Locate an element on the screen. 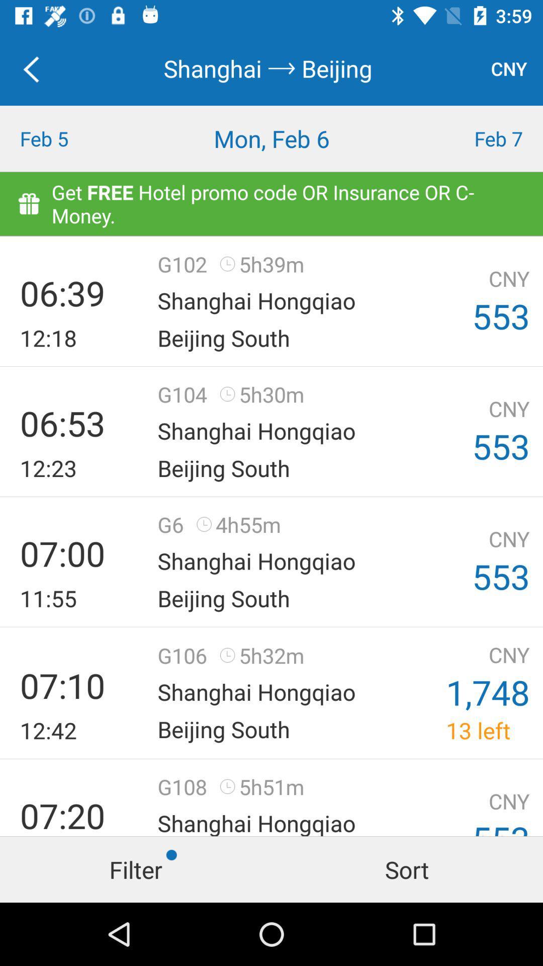 This screenshot has width=543, height=966. icon above the feb 5 is located at coordinates (36, 68).